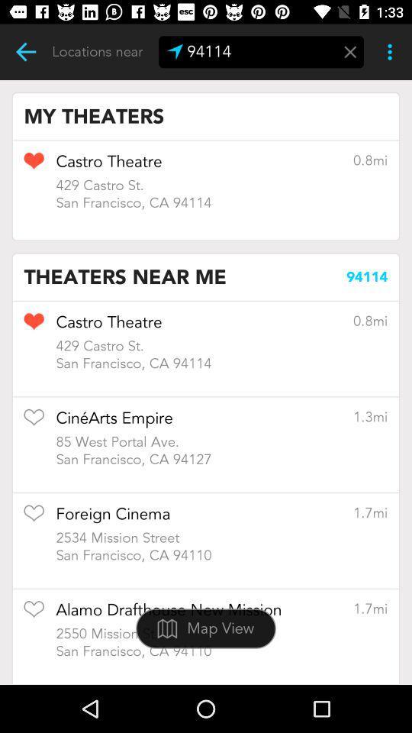 Image resolution: width=412 pixels, height=733 pixels. Describe the element at coordinates (25, 52) in the screenshot. I see `go back` at that location.